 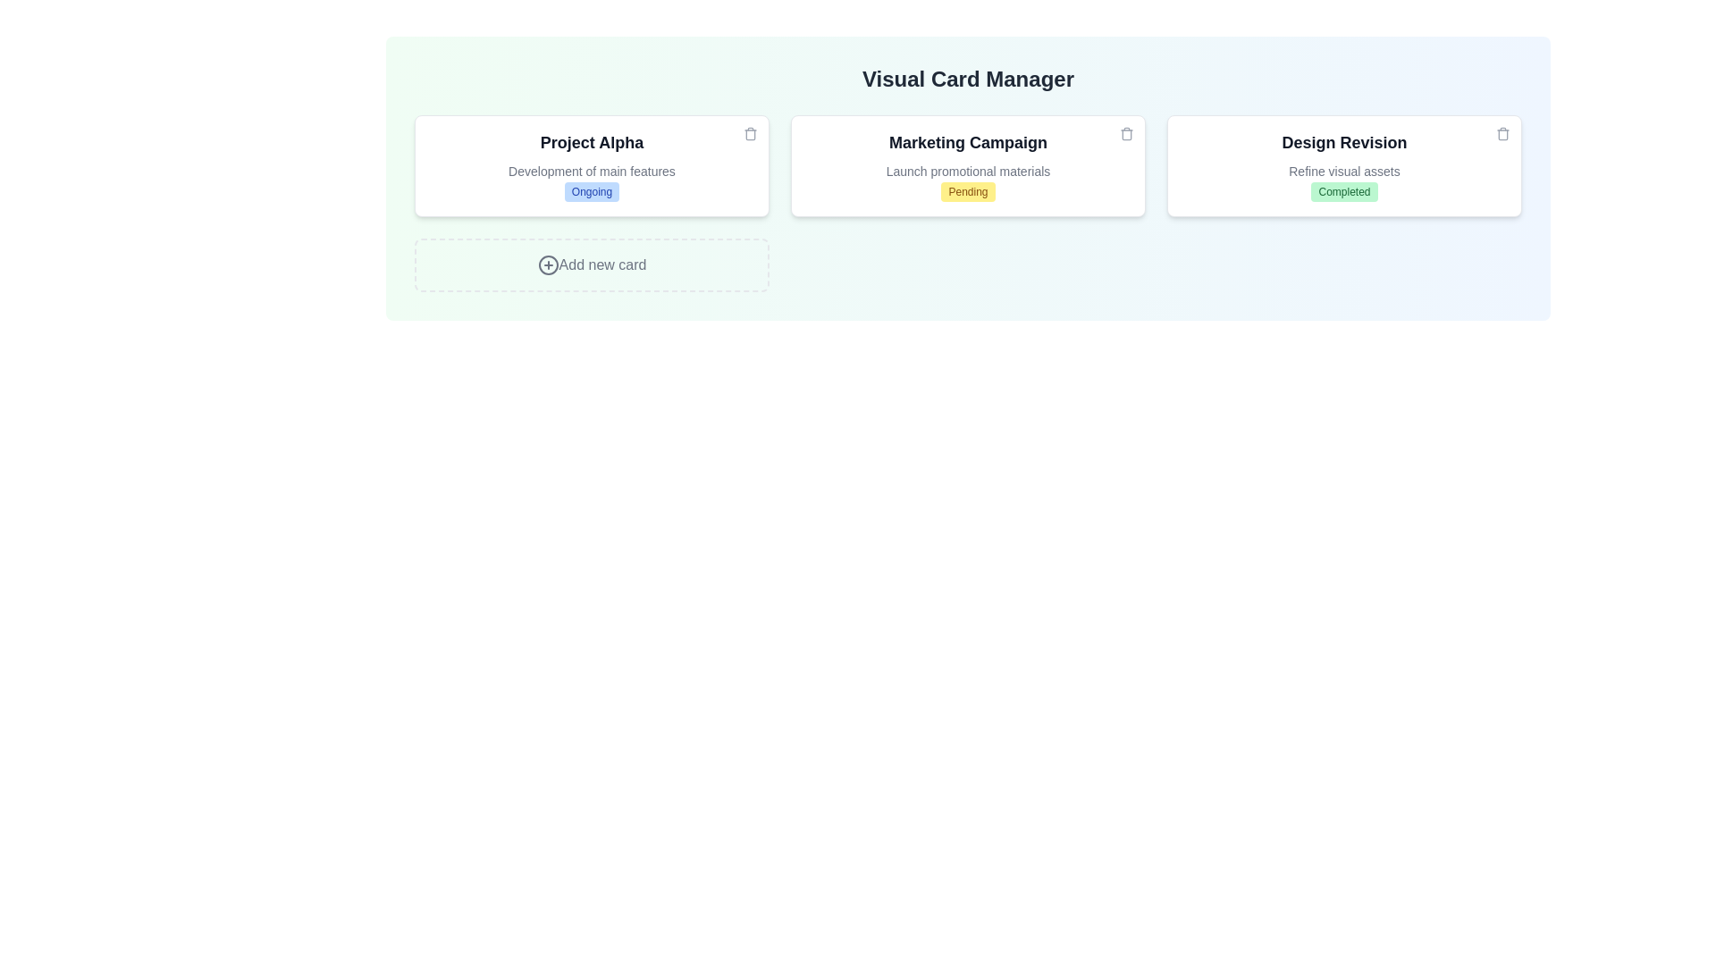 What do you see at coordinates (1501, 133) in the screenshot?
I see `delete button on the card titled Design Revision to remove it` at bounding box center [1501, 133].